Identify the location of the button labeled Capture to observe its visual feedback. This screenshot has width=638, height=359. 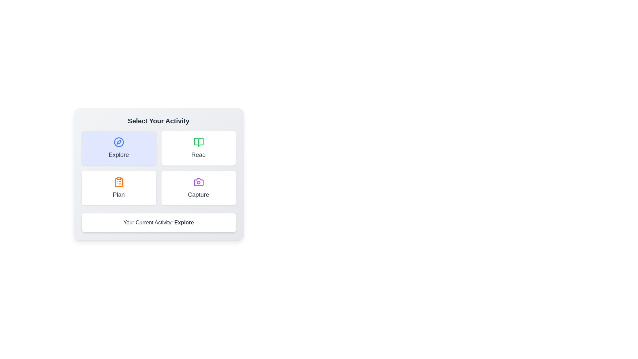
(198, 188).